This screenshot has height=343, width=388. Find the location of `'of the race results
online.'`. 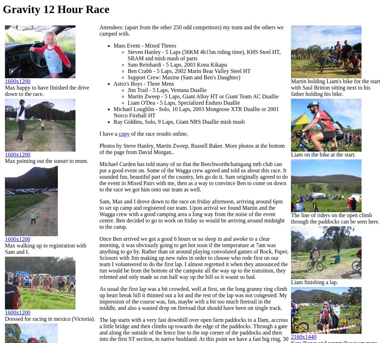

'of the race results
online.' is located at coordinates (158, 133).